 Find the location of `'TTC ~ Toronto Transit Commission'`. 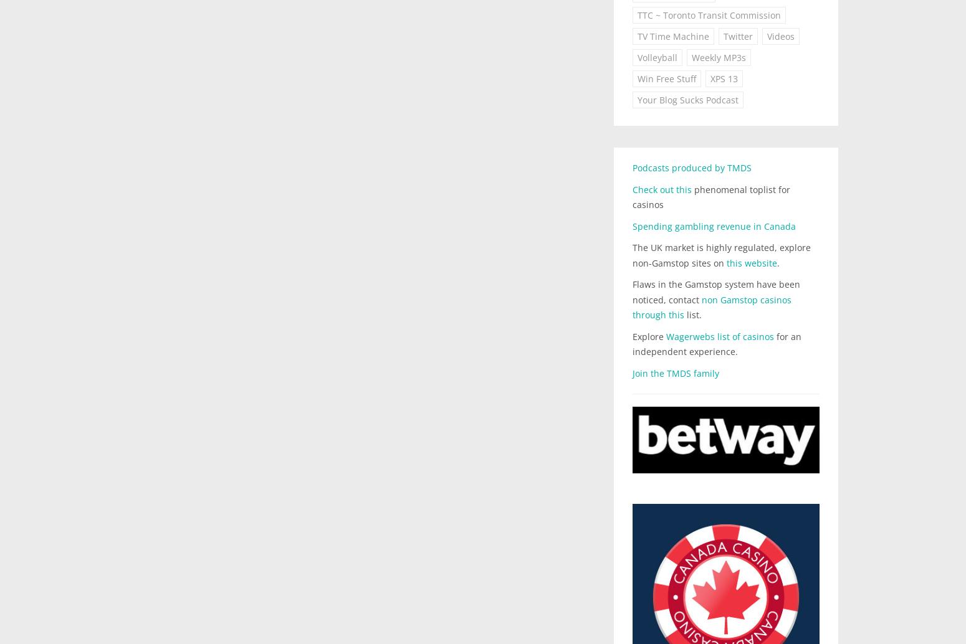

'TTC ~ Toronto Transit Commission' is located at coordinates (709, 15).